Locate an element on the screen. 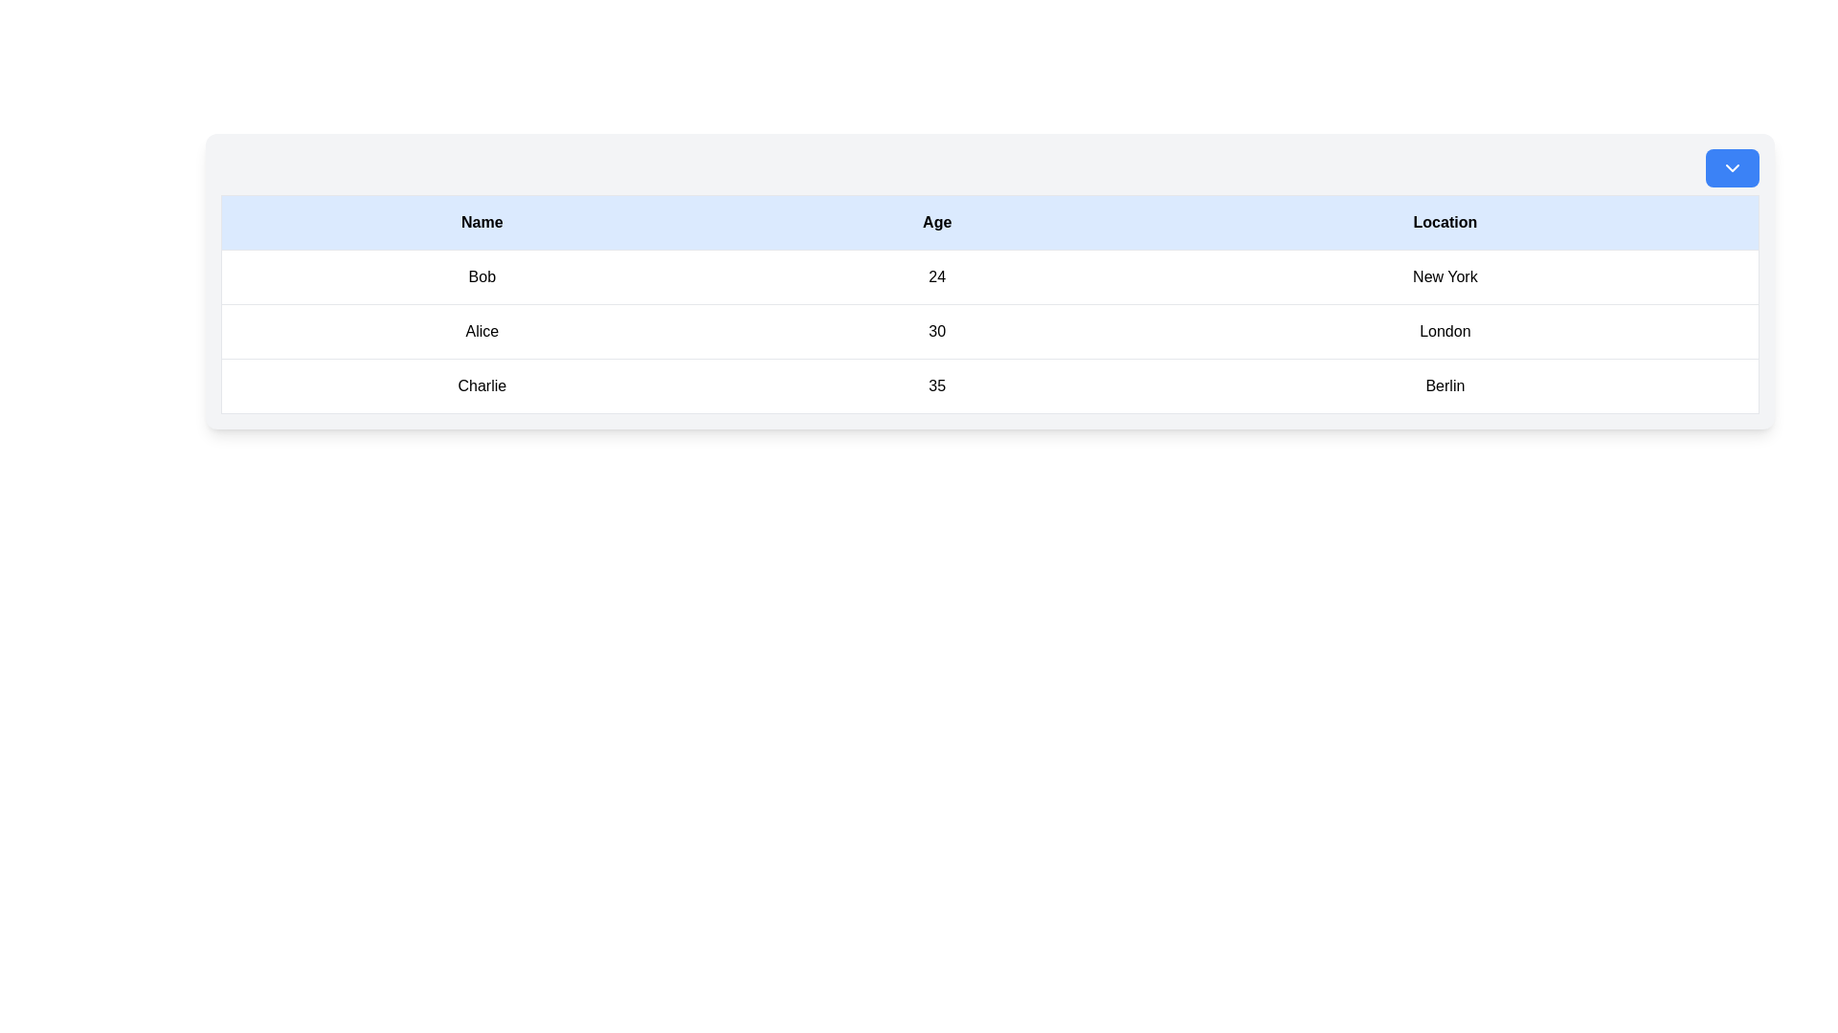 This screenshot has width=1838, height=1033. the chevron icon located within the button at the top right corner of the displayed table, which serves as an interactive control for expanding or opening a dropdown menu is located at coordinates (1732, 167).